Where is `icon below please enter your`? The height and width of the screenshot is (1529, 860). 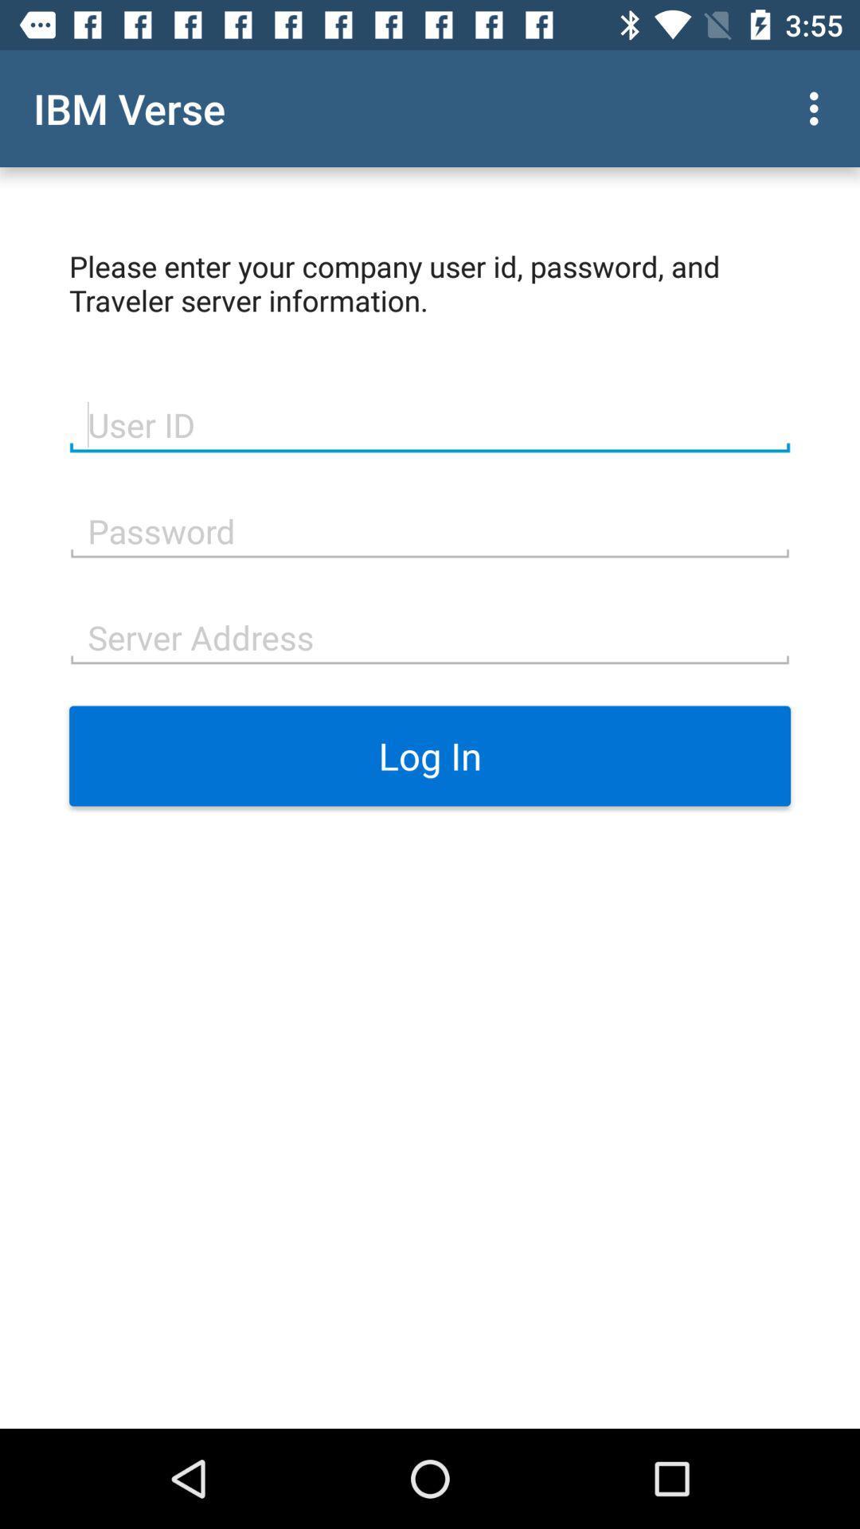 icon below please enter your is located at coordinates (430, 423).